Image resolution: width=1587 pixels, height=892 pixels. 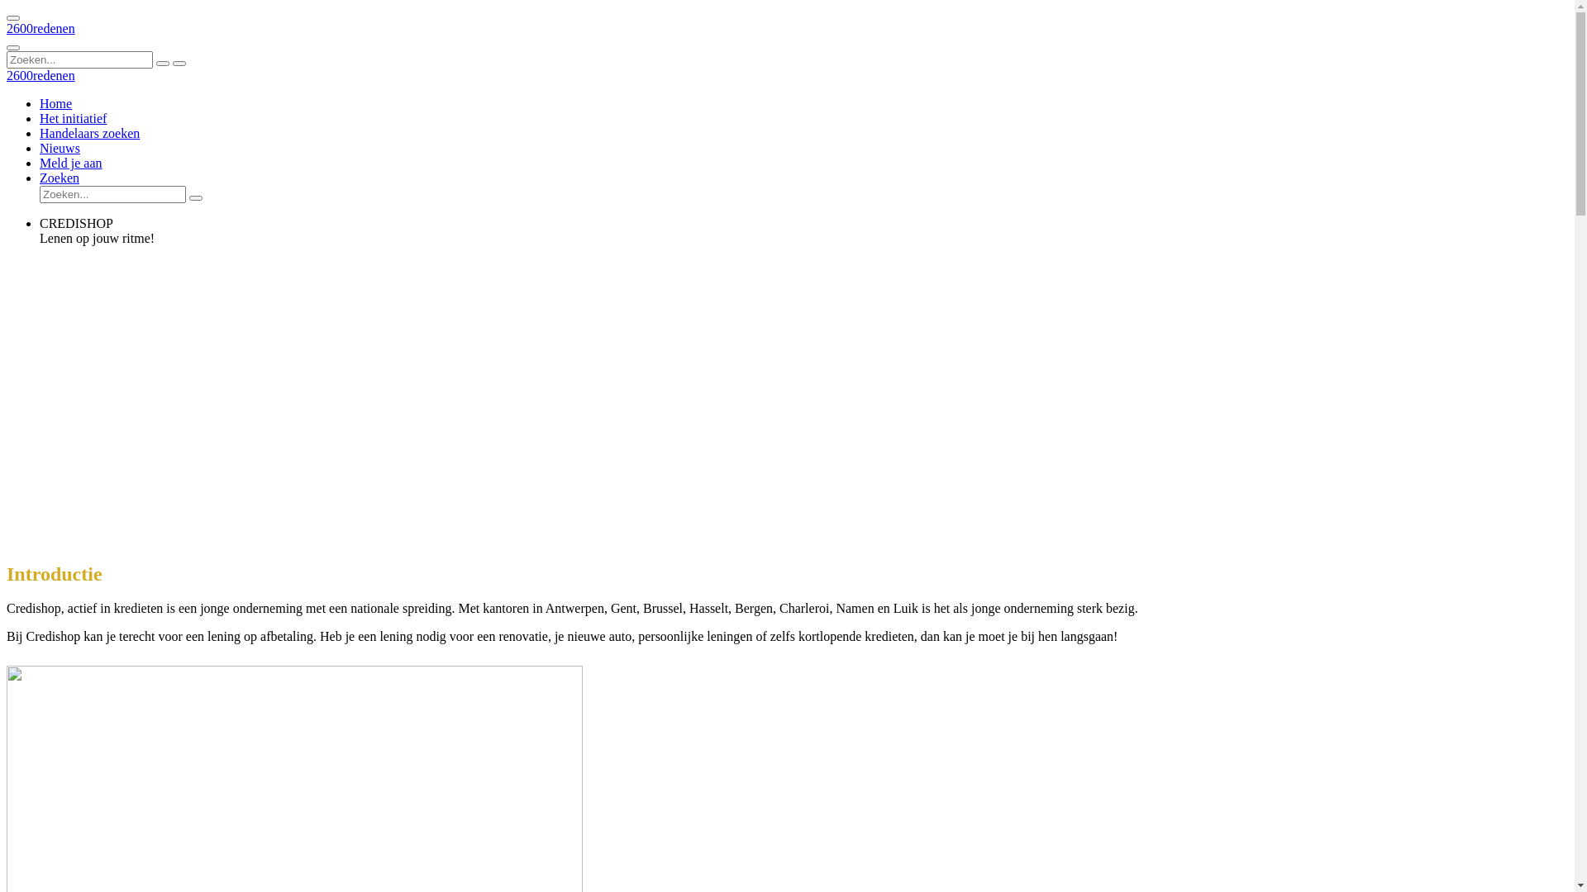 What do you see at coordinates (55, 103) in the screenshot?
I see `'Home'` at bounding box center [55, 103].